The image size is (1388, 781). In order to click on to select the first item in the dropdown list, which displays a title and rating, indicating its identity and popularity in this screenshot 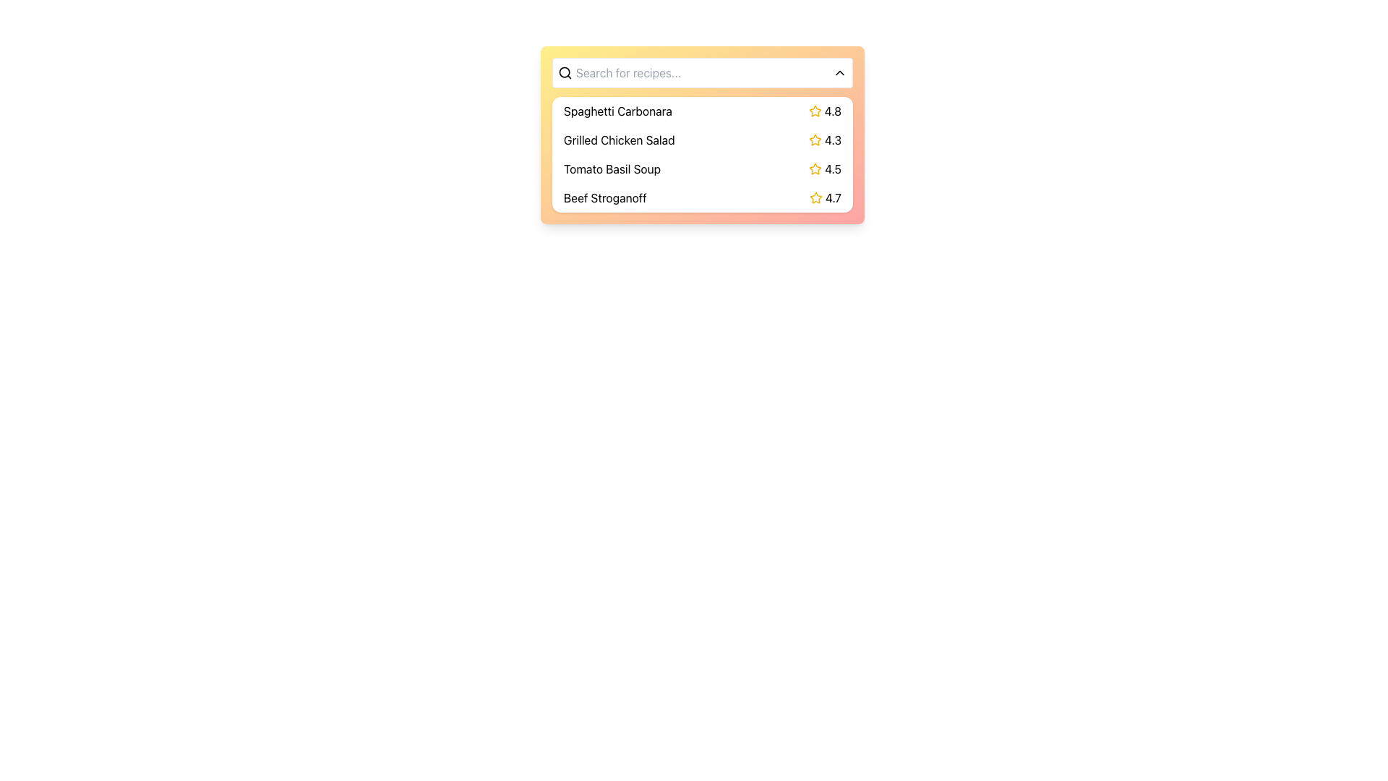, I will do `click(702, 111)`.